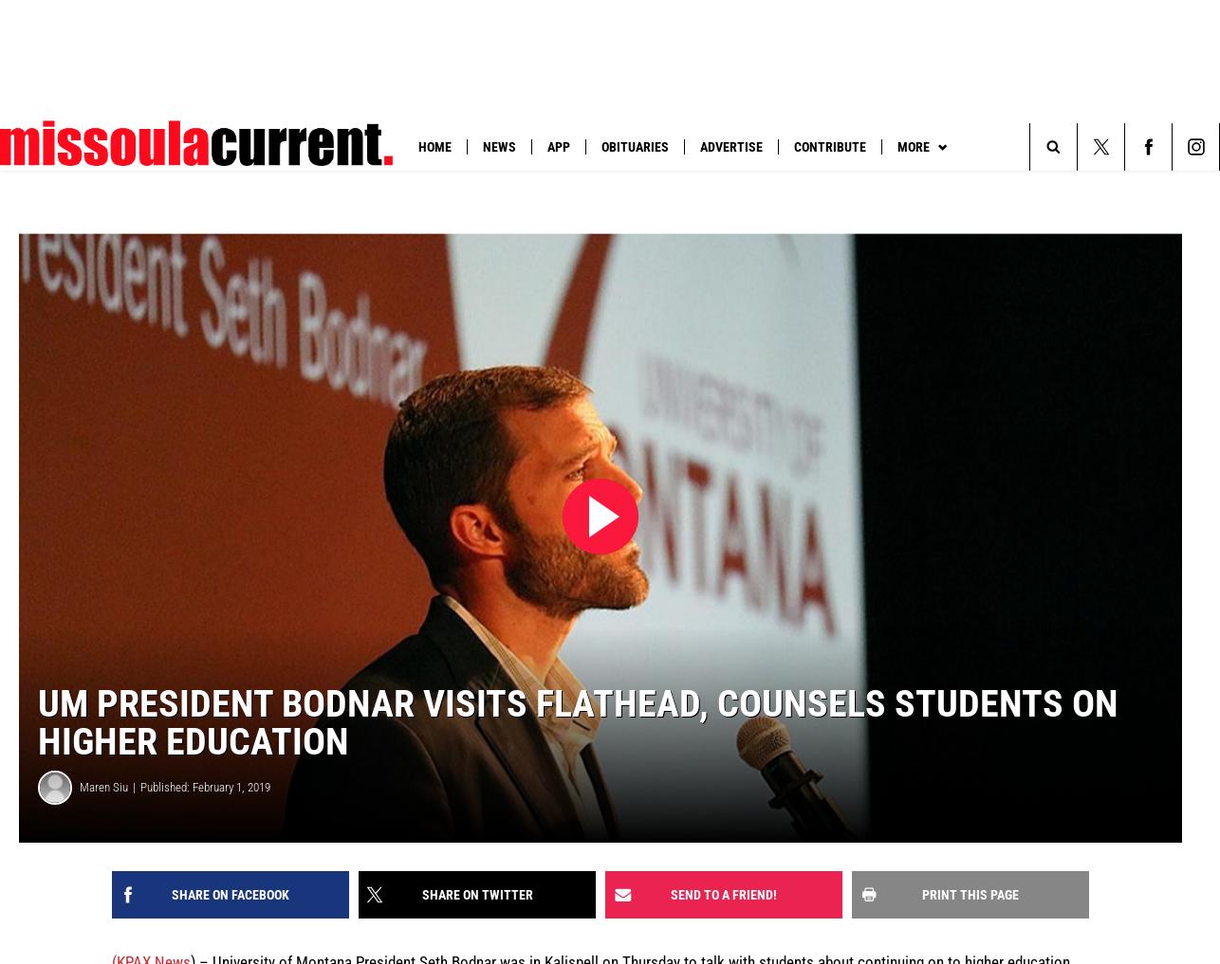 The width and height of the screenshot is (1220, 964). What do you see at coordinates (730, 145) in the screenshot?
I see `'Advertise'` at bounding box center [730, 145].